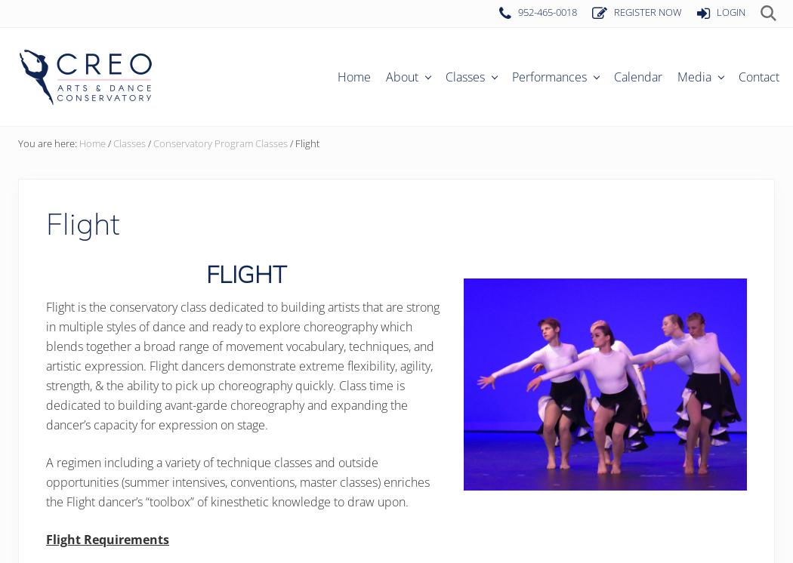  Describe the element at coordinates (758, 76) in the screenshot. I see `'Contact'` at that location.